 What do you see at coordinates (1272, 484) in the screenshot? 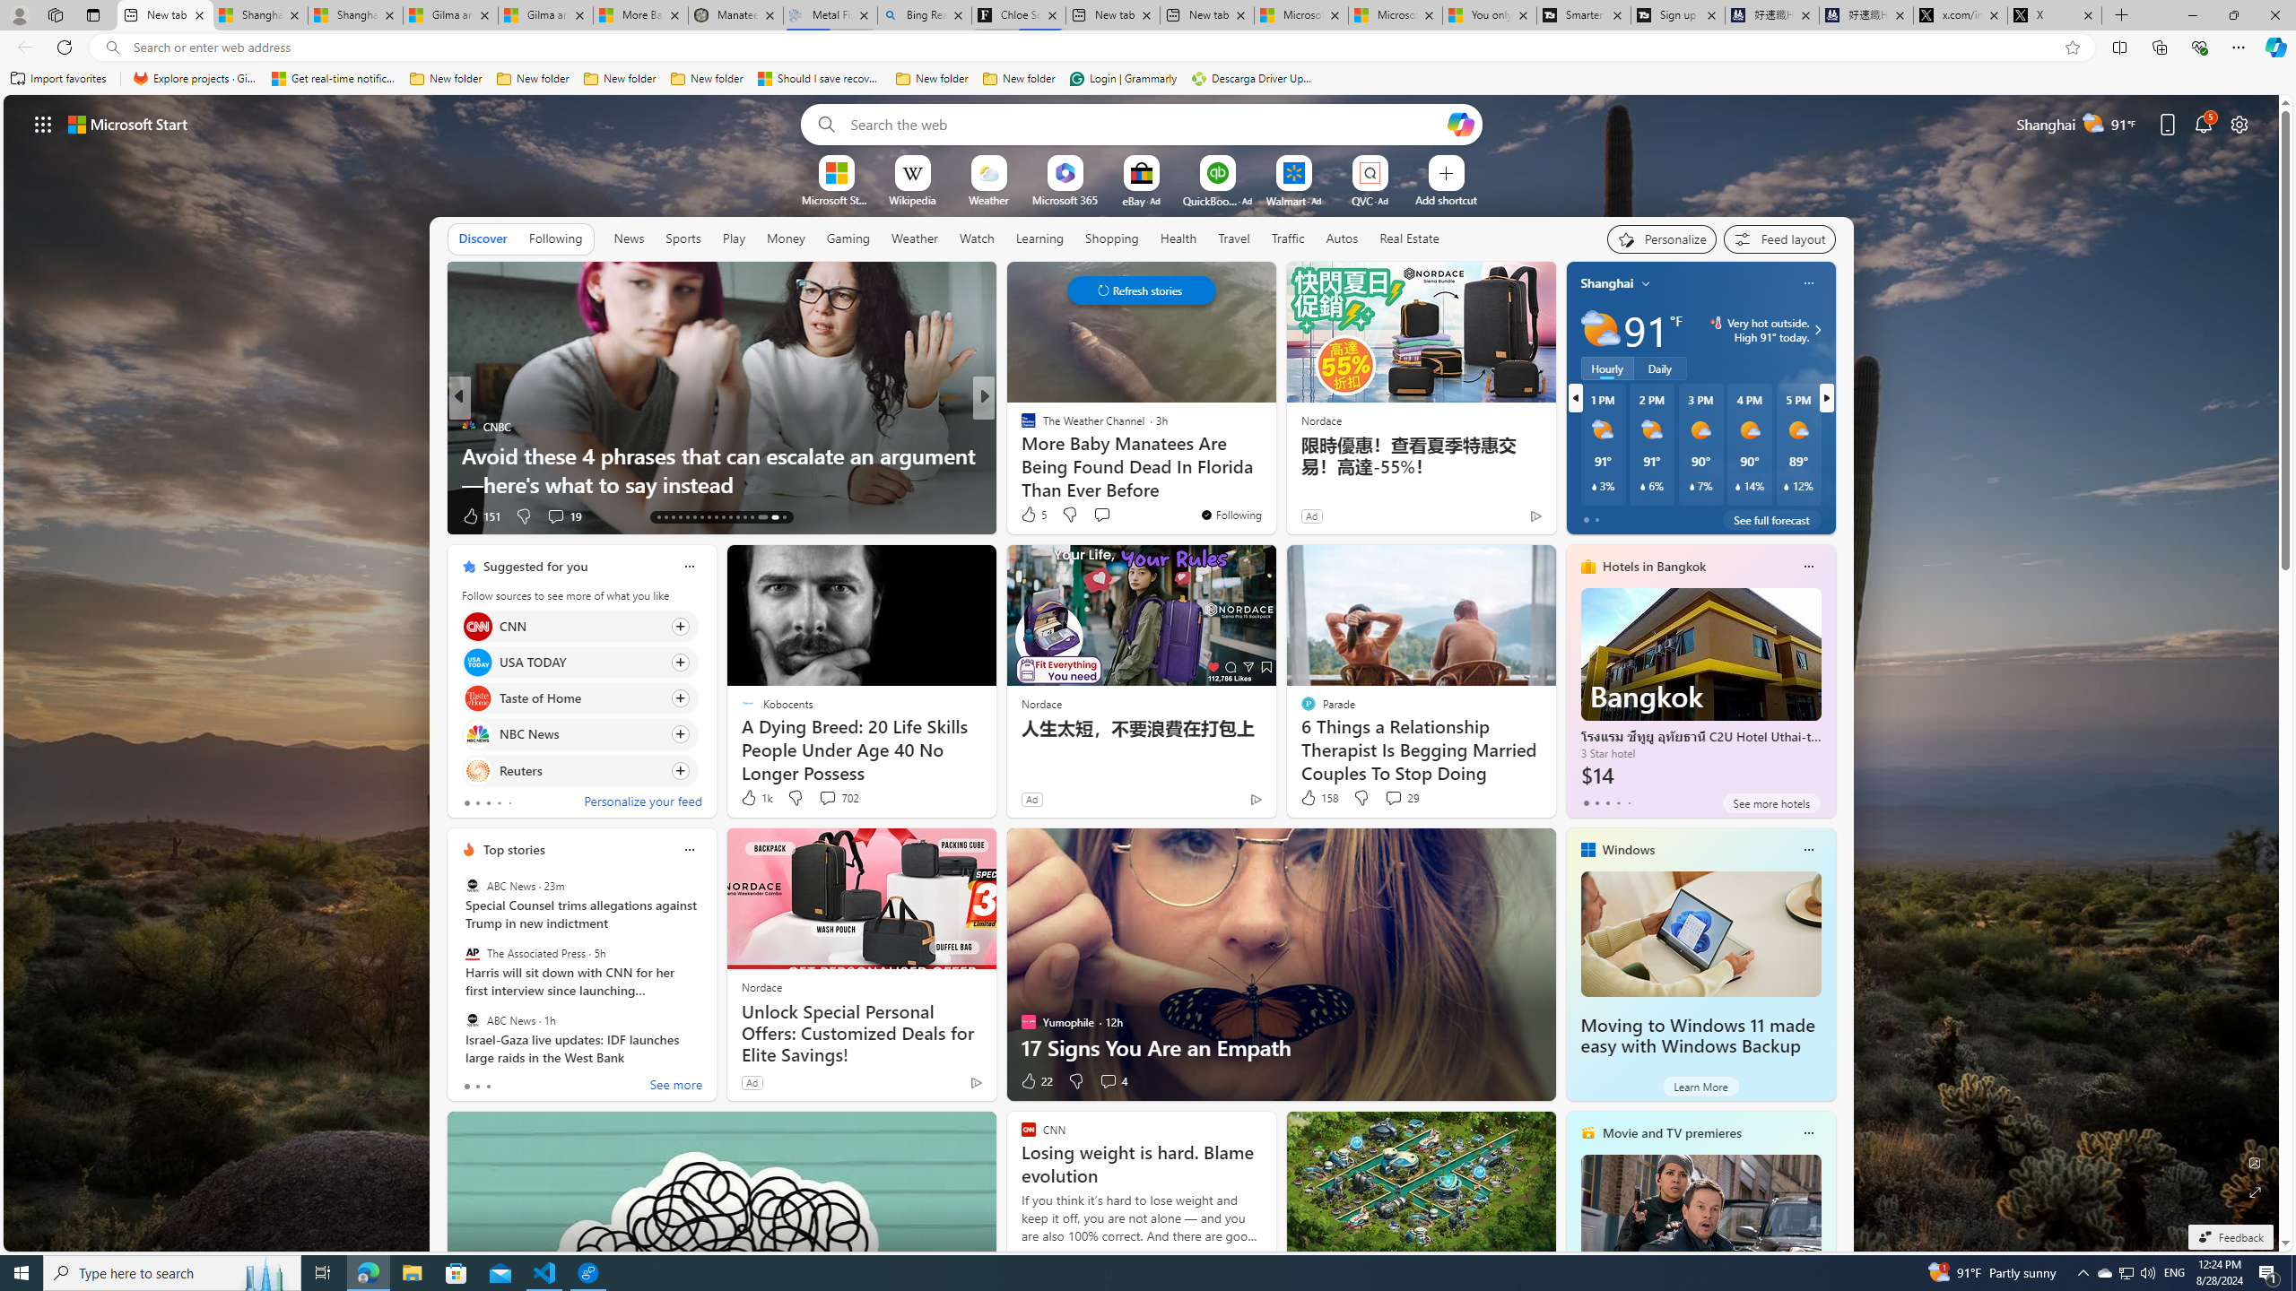
I see `'Top 10 Worst Things To Do When Camping'` at bounding box center [1272, 484].